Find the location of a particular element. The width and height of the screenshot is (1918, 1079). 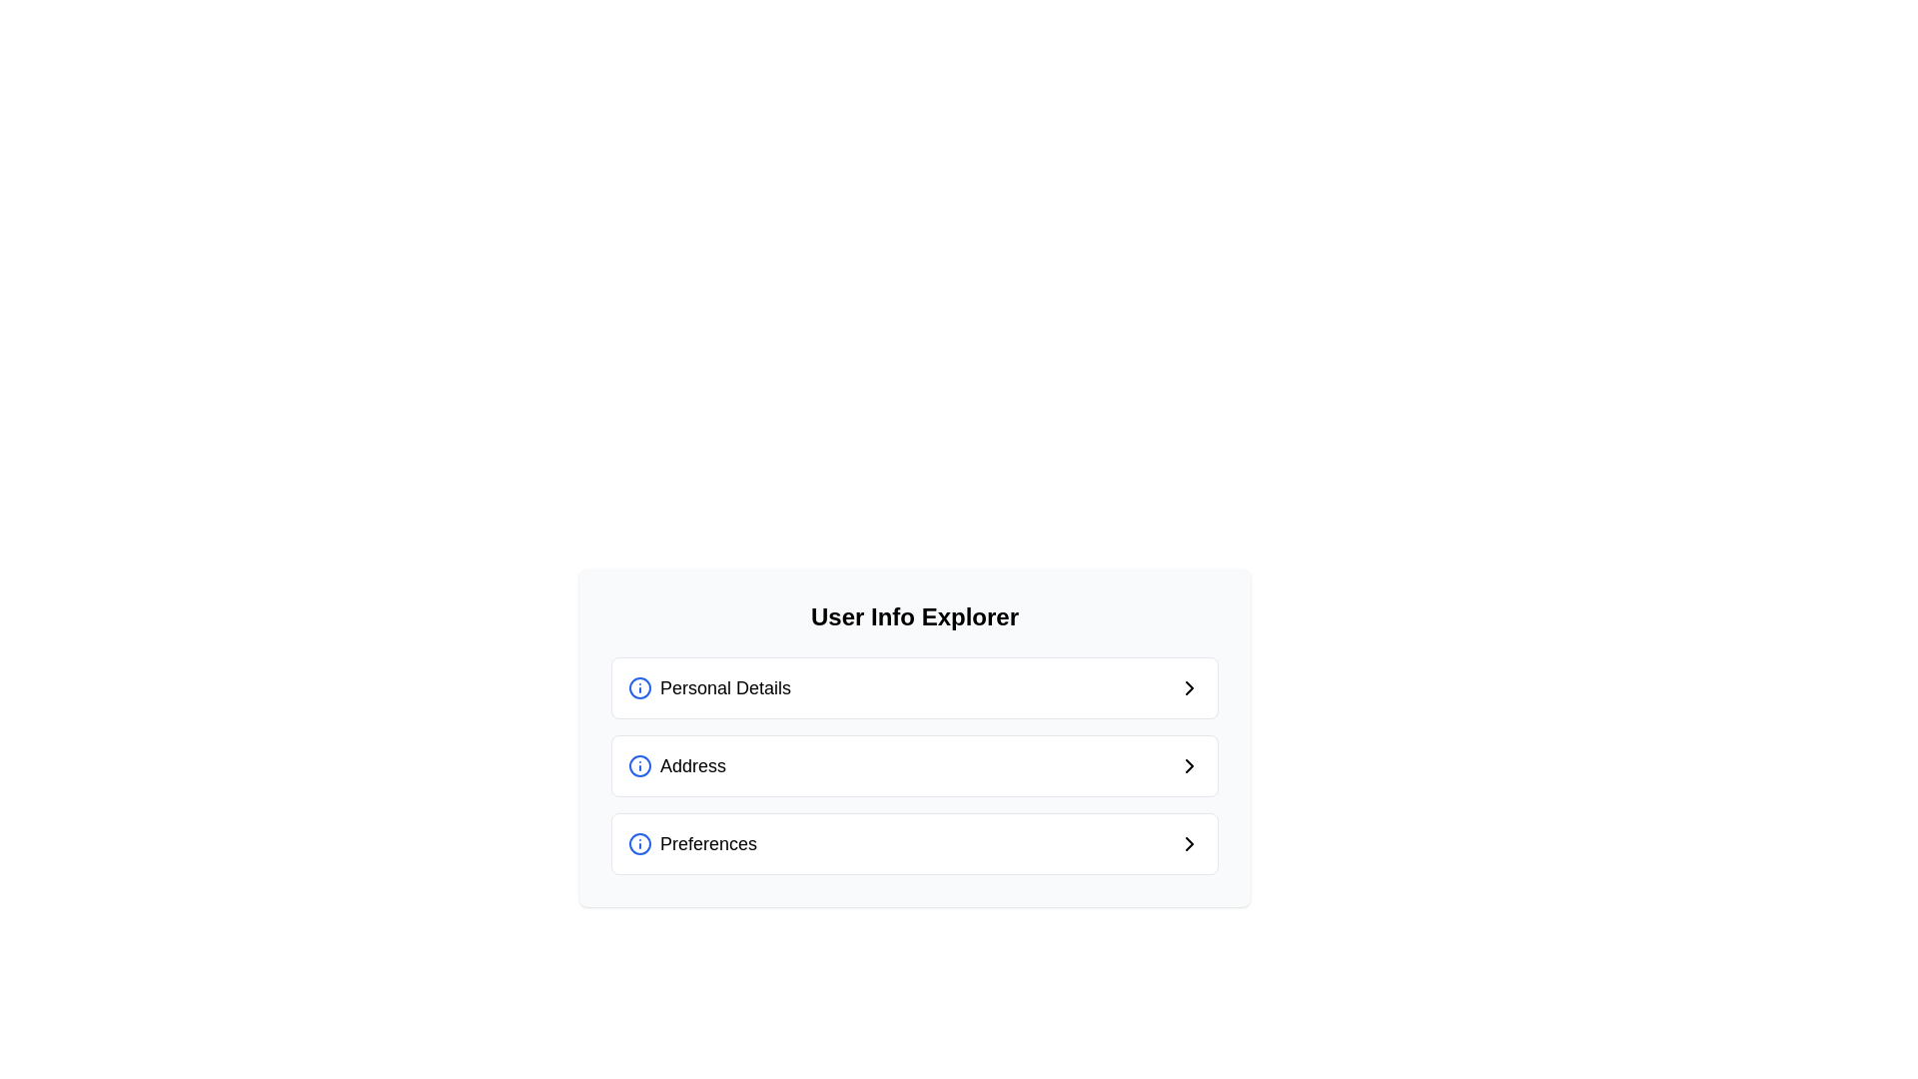

the icon representing additional information associated with the 'Preferences' section, located in the third row of the vertical layout is located at coordinates (640, 843).